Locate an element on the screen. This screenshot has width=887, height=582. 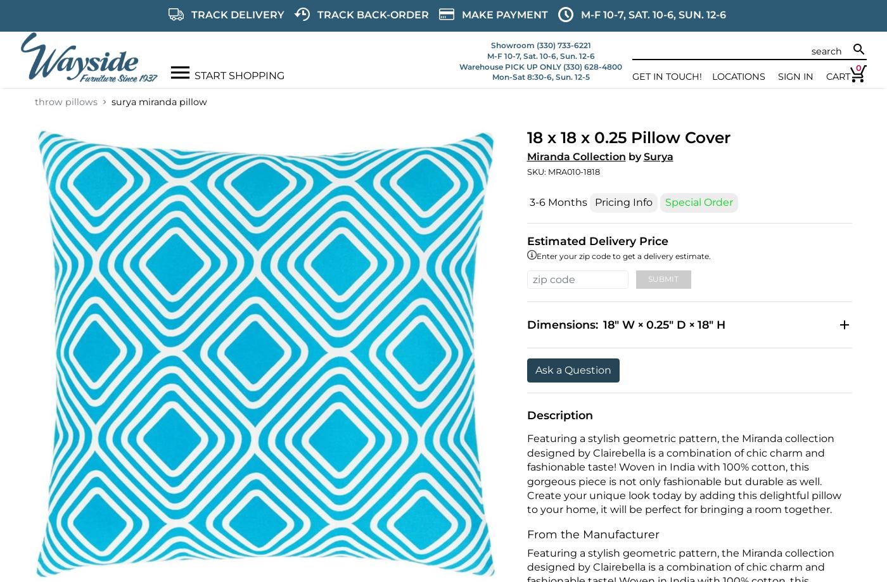
'Miranda Collection' is located at coordinates (575, 156).